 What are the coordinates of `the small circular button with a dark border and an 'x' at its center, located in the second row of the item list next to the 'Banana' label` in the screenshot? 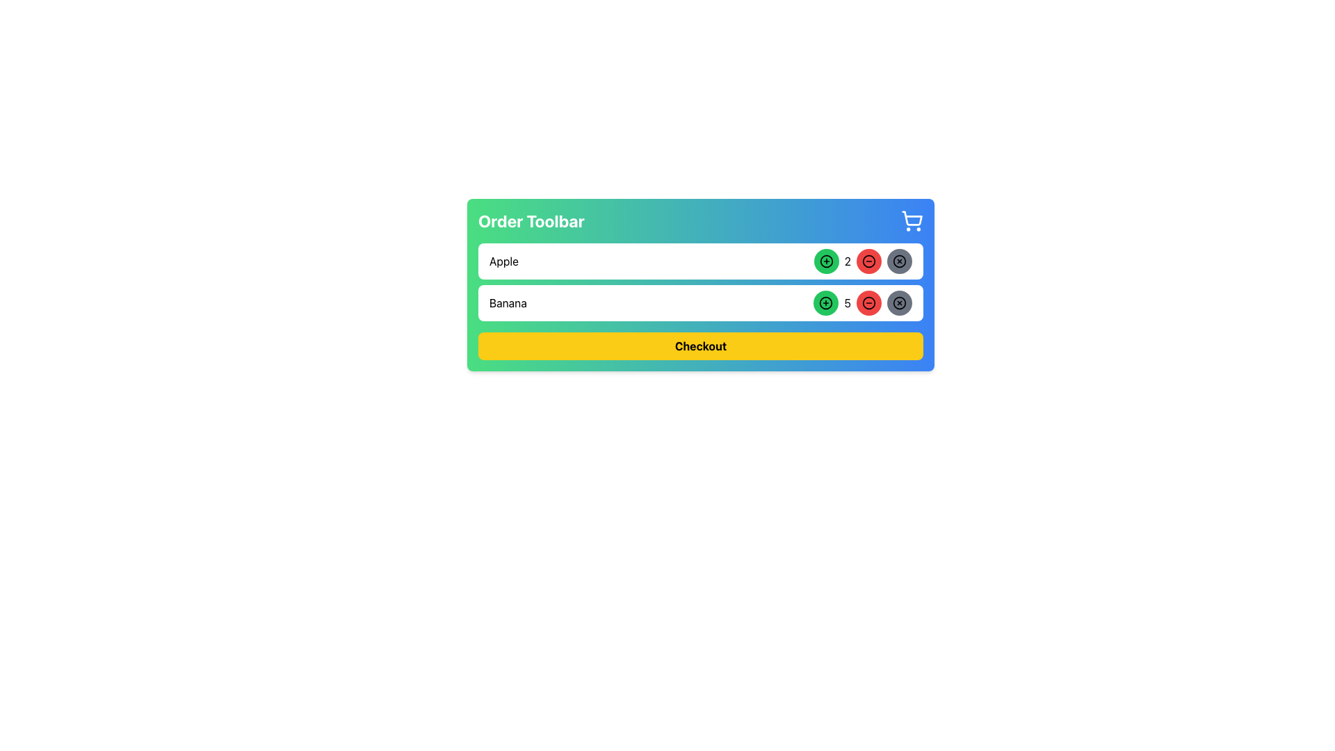 It's located at (900, 261).